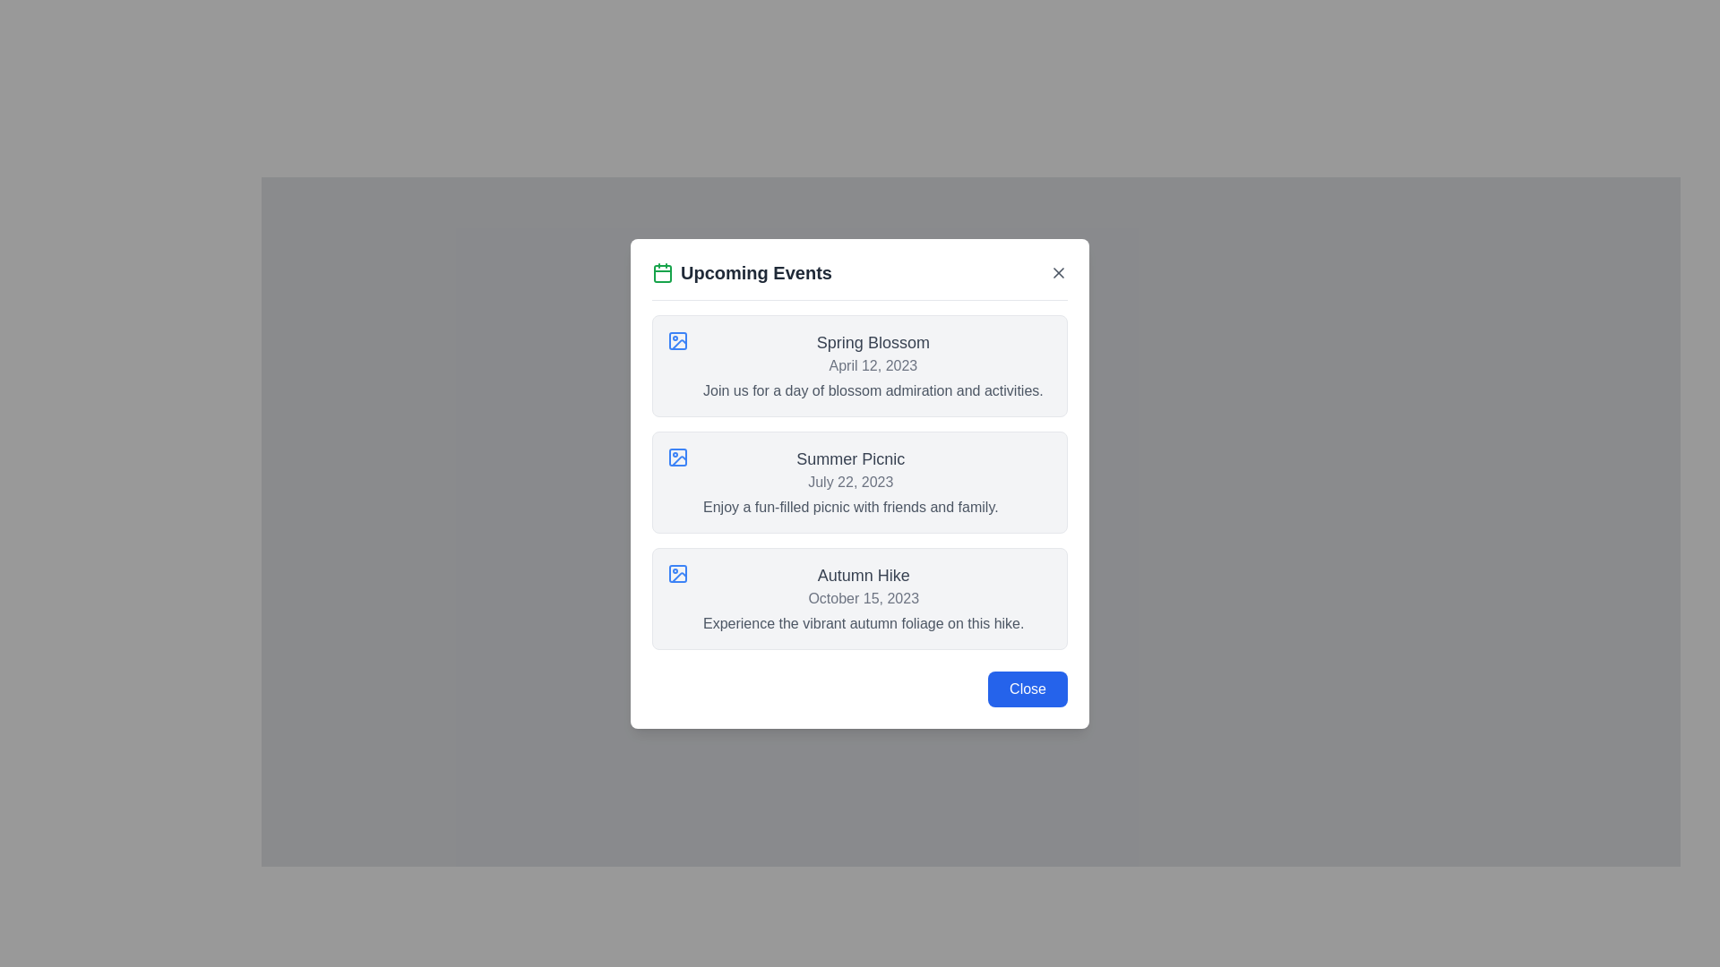 The image size is (1720, 967). Describe the element at coordinates (1028, 688) in the screenshot. I see `the close button located at the bottom-right corner of the 'Upcoming Events' dialog box` at that location.